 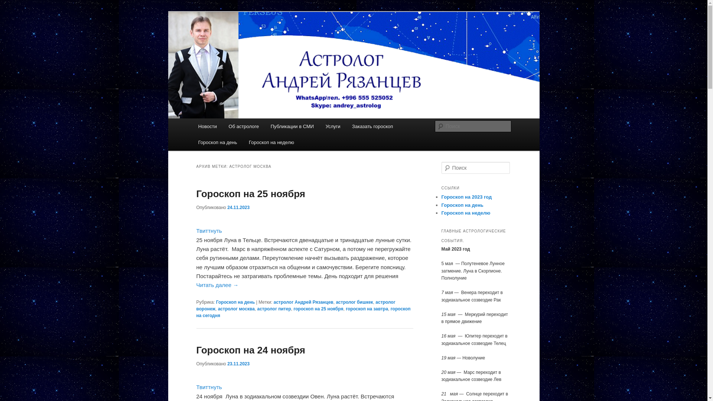 I want to click on '24.11.2023', so click(x=238, y=208).